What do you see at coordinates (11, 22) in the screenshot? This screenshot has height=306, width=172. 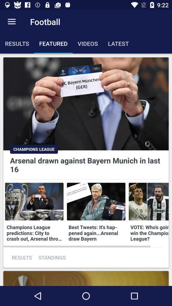 I see `the icon above results item` at bounding box center [11, 22].